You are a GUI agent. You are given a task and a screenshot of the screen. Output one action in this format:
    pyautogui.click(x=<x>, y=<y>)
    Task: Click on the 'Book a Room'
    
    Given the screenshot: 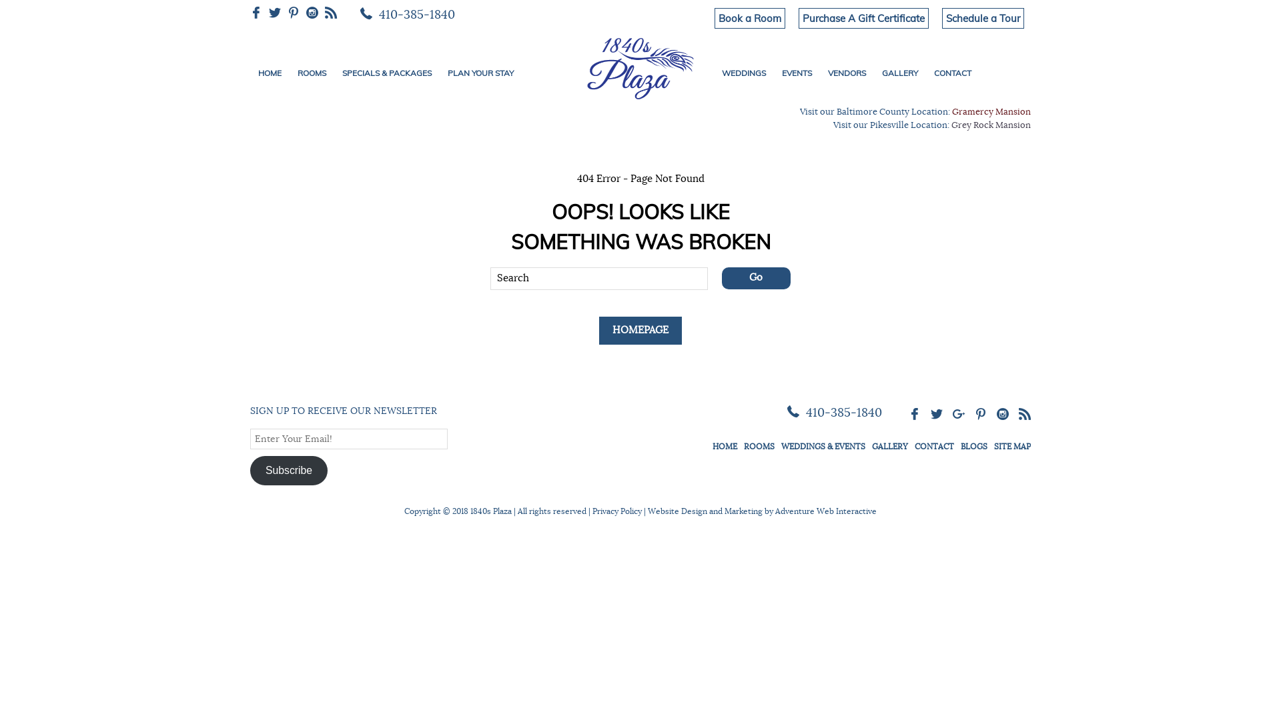 What is the action you would take?
    pyautogui.click(x=749, y=18)
    